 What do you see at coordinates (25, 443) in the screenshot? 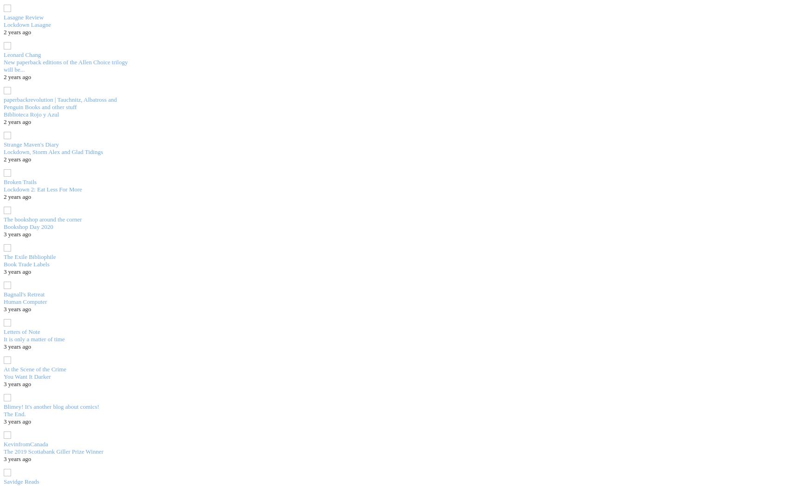
I see `'KevinfromCanada'` at bounding box center [25, 443].